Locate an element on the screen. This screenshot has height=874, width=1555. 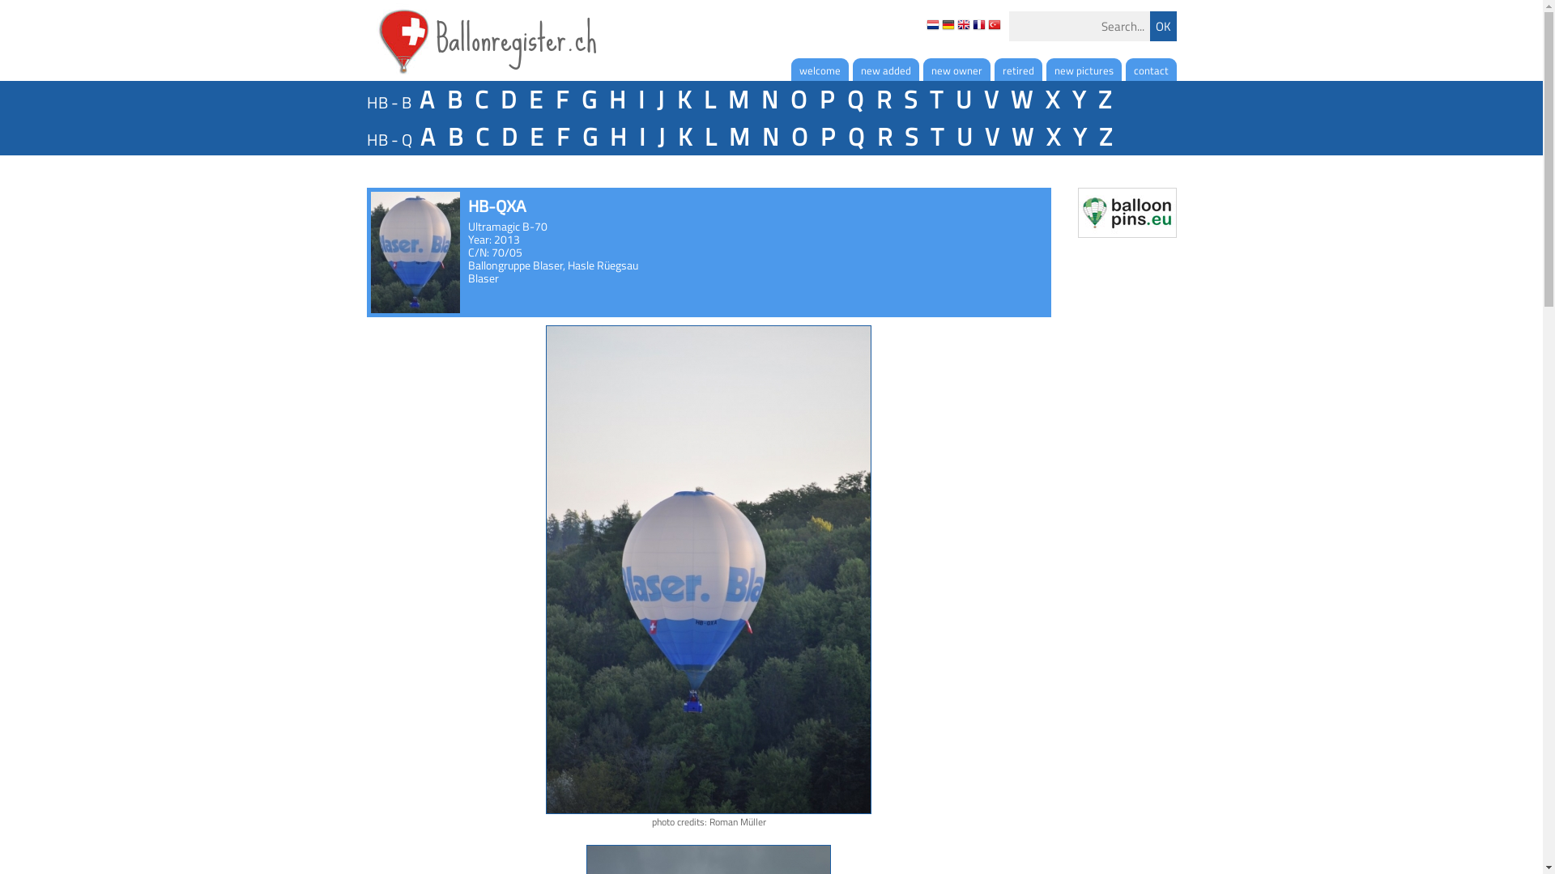
'V' is located at coordinates (991, 136).